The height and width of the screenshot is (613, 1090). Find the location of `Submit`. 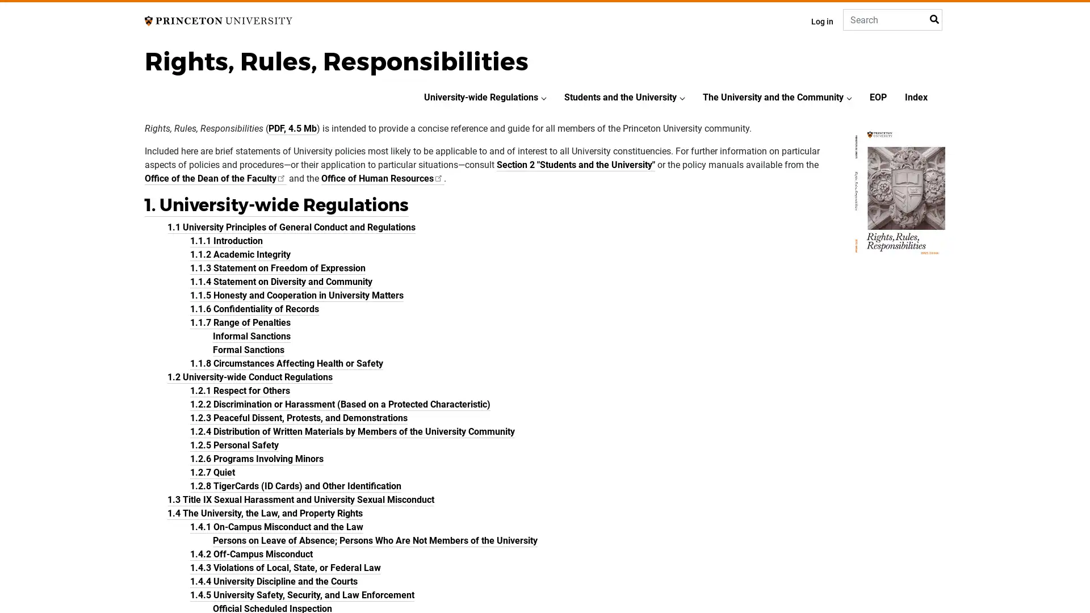

Submit is located at coordinates (933, 19).